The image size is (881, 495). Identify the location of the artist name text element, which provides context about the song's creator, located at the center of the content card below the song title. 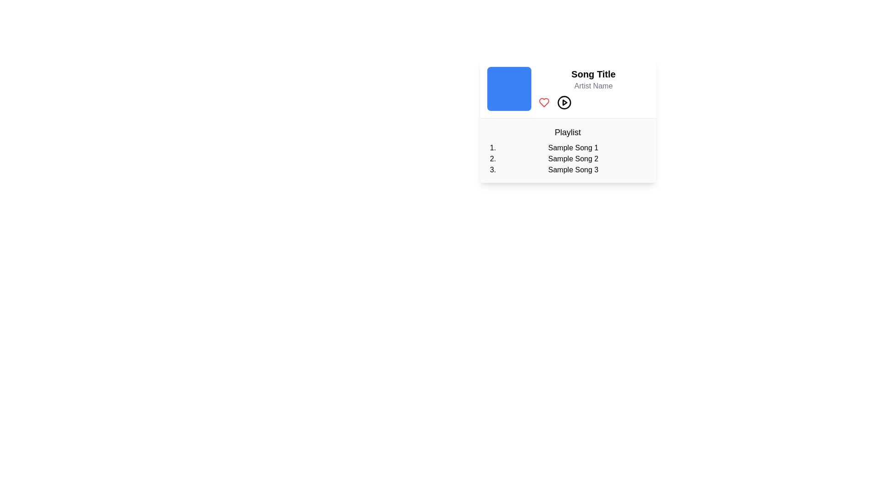
(593, 86).